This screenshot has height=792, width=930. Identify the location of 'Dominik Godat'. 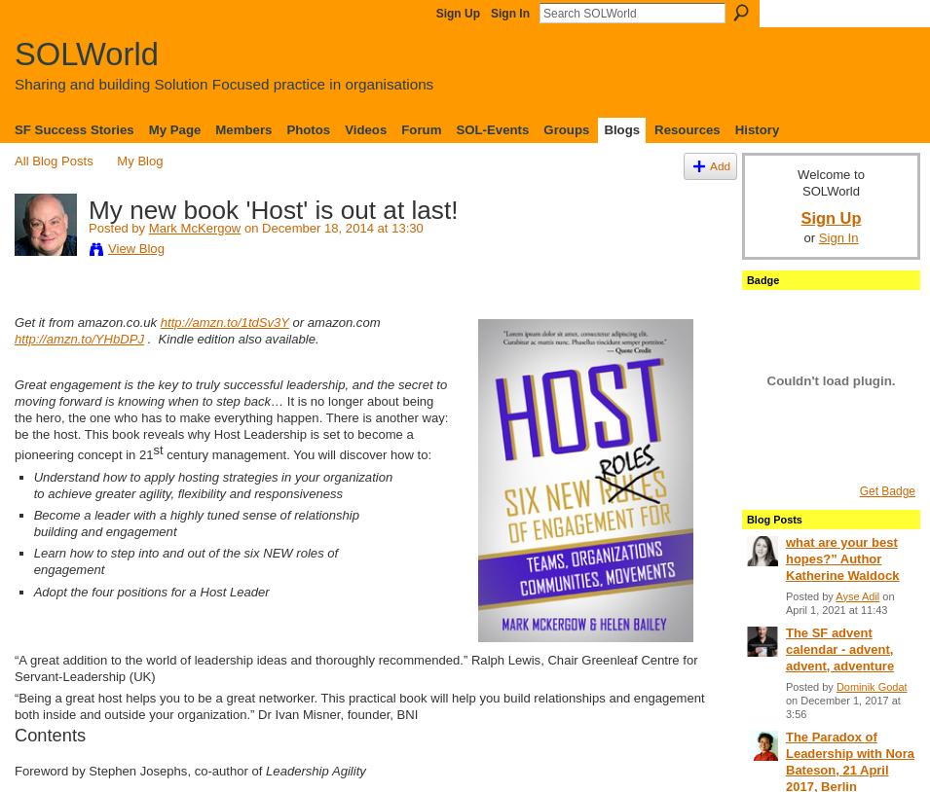
(871, 686).